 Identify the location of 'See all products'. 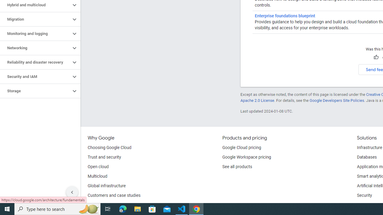
(237, 167).